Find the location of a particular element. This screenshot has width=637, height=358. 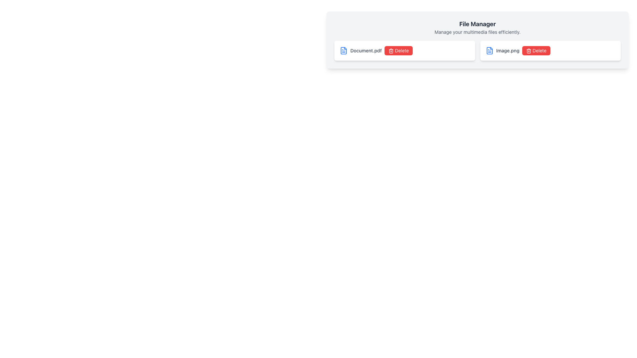

the 'Delete' button in the Composite component containing the blue document icon and the text 'Document.pdf' is located at coordinates (404, 50).